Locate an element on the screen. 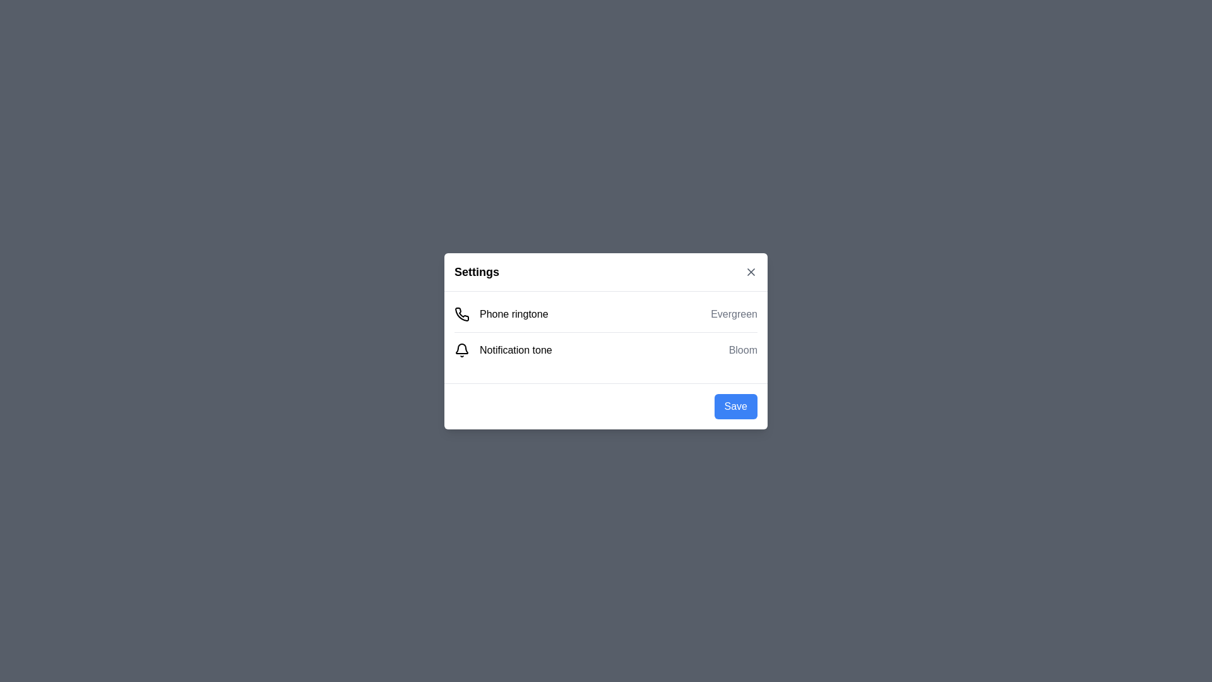 The width and height of the screenshot is (1212, 682). the inner vector graphic element of the close button in the top-right corner of the settings dialog to visually emphasize it is located at coordinates (751, 271).